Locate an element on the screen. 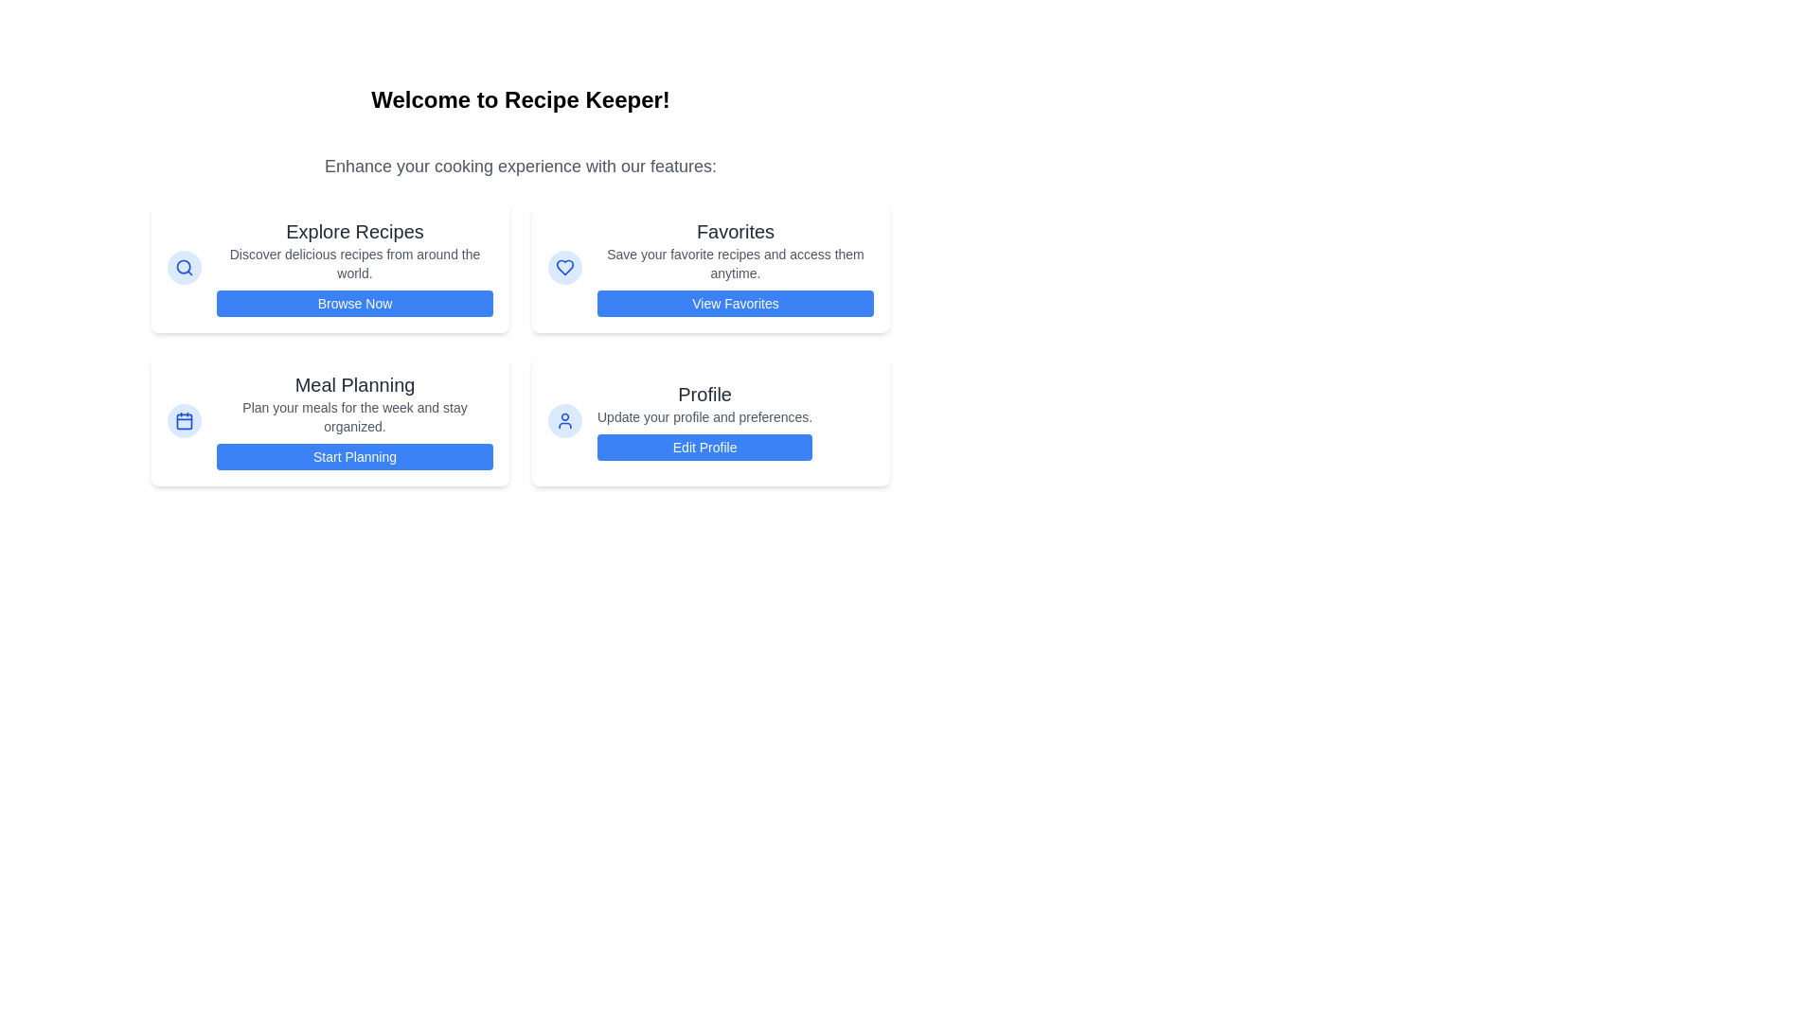 The height and width of the screenshot is (1022, 1818). the informational text block that reads 'Plan your meals for the week and stay organized.', which is styled in a small, gray font and positioned below the 'Meal Planning' header and above the 'Start Planning' button is located at coordinates (354, 415).